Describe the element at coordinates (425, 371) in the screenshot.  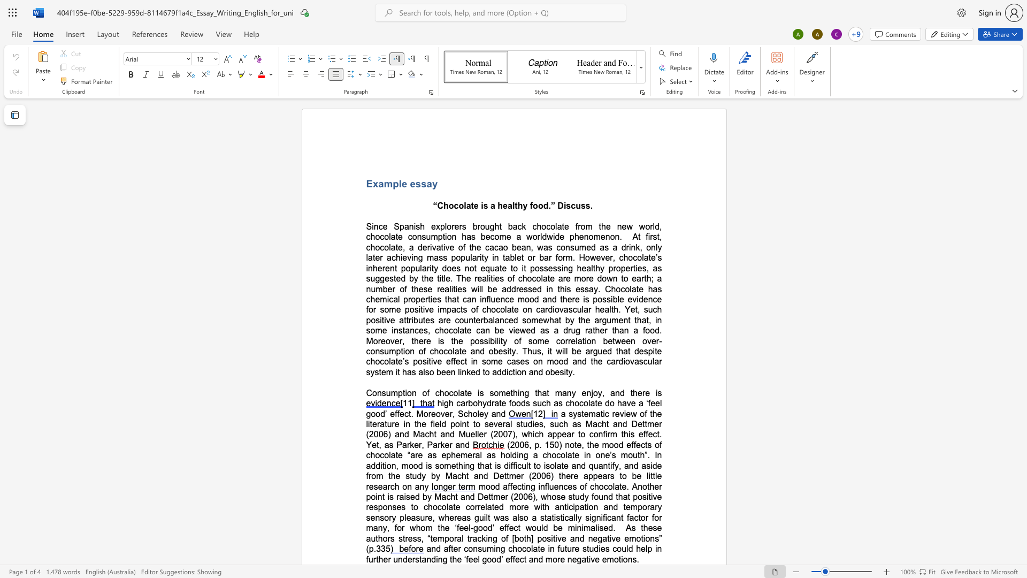
I see `the space between the continuous character "l" and "s" in the text` at that location.